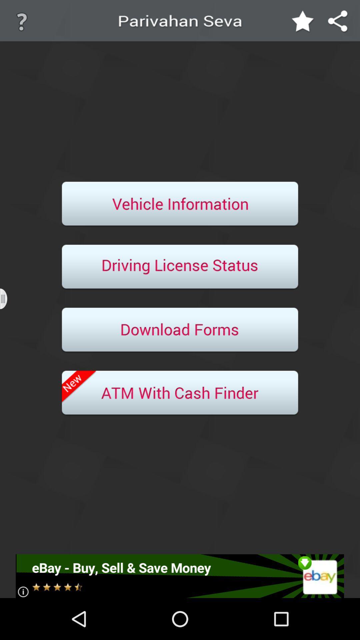 This screenshot has width=360, height=640. Describe the element at coordinates (8, 319) in the screenshot. I see `the menu icon` at that location.